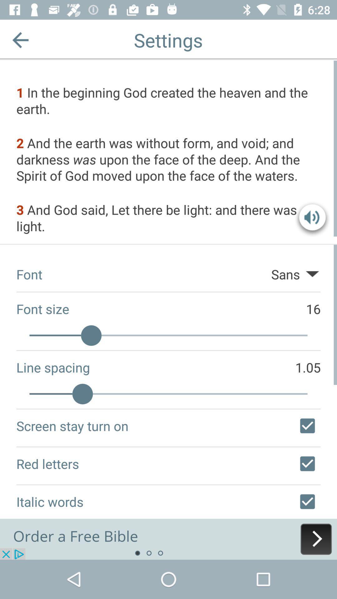 The height and width of the screenshot is (599, 337). Describe the element at coordinates (312, 219) in the screenshot. I see `adjust the volume` at that location.